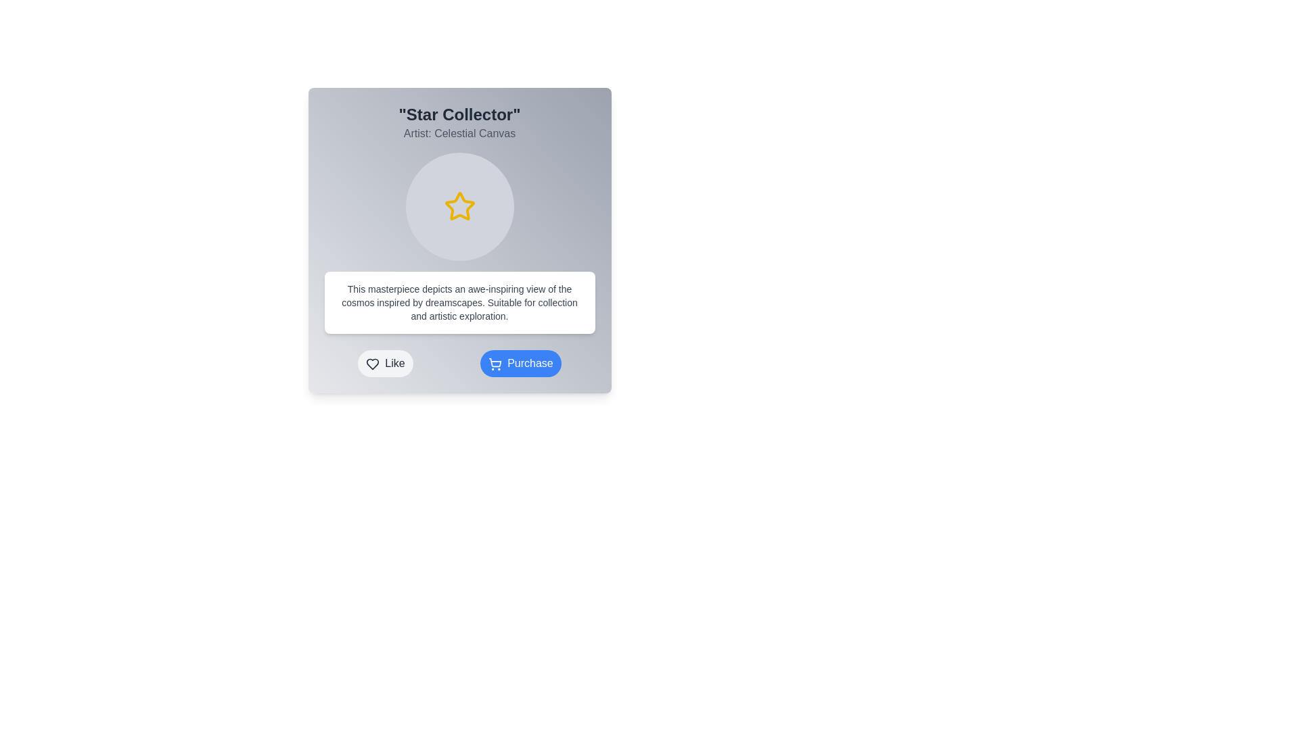 This screenshot has height=730, width=1299. I want to click on the Decorative icon, which is a circular icon with a grey background and a yellow star, located in the center of the card beneath the title 'Star Collector', so click(459, 206).